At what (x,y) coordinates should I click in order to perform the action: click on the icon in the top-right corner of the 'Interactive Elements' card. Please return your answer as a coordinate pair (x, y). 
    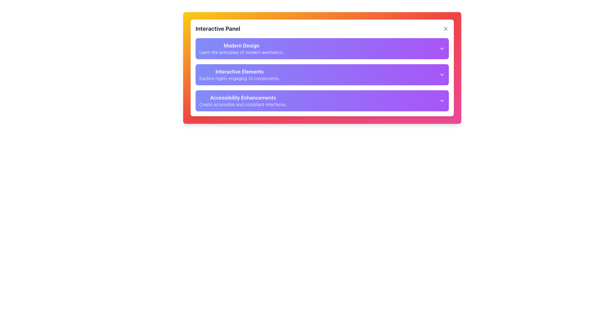
    Looking at the image, I should click on (442, 74).